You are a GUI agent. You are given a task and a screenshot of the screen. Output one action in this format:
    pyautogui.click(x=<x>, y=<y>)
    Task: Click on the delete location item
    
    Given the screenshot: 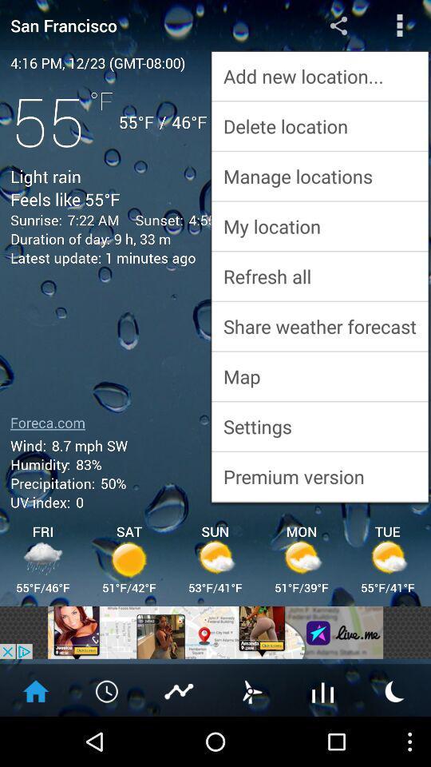 What is the action you would take?
    pyautogui.click(x=319, y=125)
    